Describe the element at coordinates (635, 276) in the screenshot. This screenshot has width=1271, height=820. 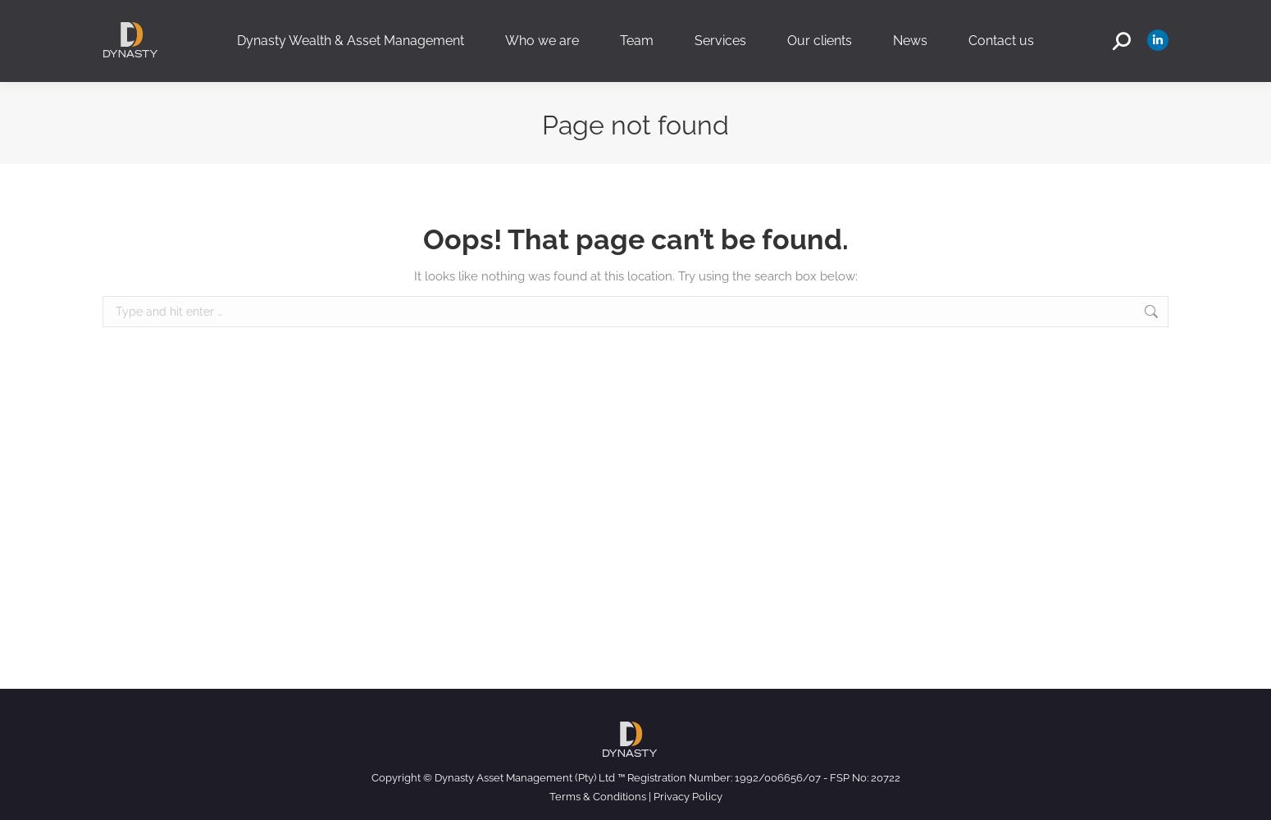
I see `'It looks like nothing was found at this location. Try using the search box below:'` at that location.